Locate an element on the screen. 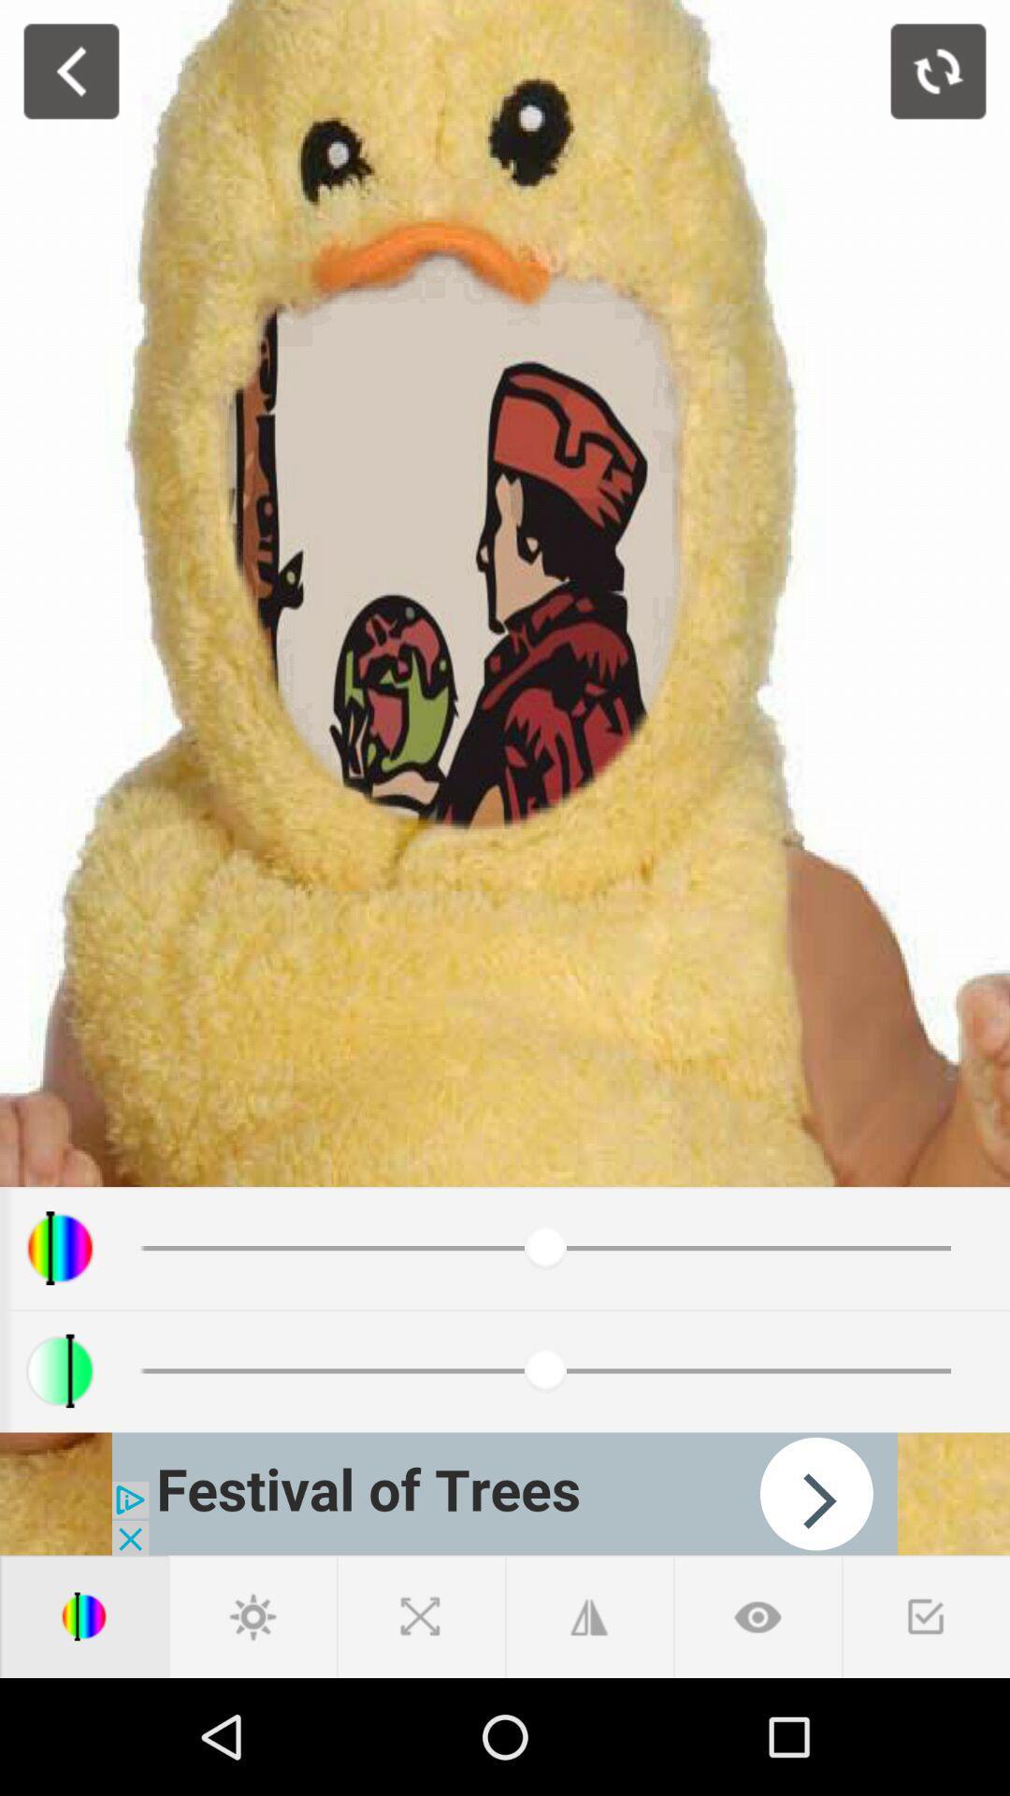 The image size is (1010, 1796). autoplay option is located at coordinates (505, 1493).